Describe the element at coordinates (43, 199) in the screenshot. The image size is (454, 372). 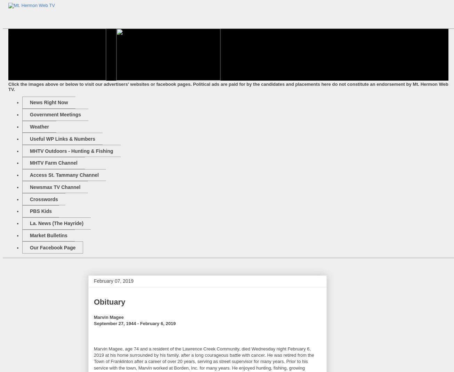
I see `'Crosswords'` at that location.